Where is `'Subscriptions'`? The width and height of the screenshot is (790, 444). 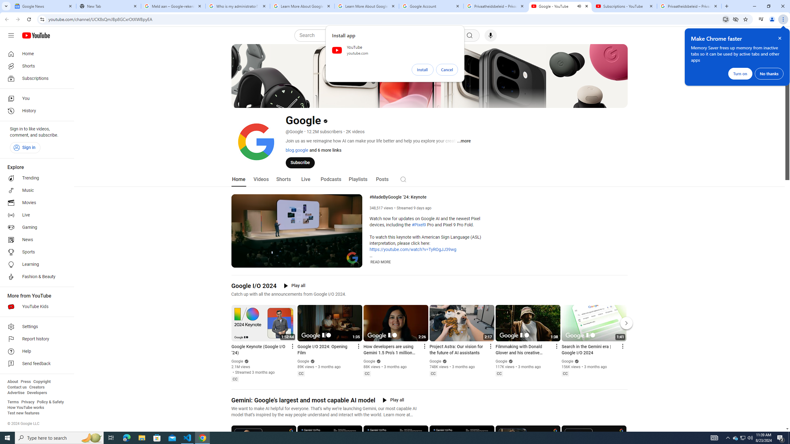
'Subscriptions' is located at coordinates (35, 78).